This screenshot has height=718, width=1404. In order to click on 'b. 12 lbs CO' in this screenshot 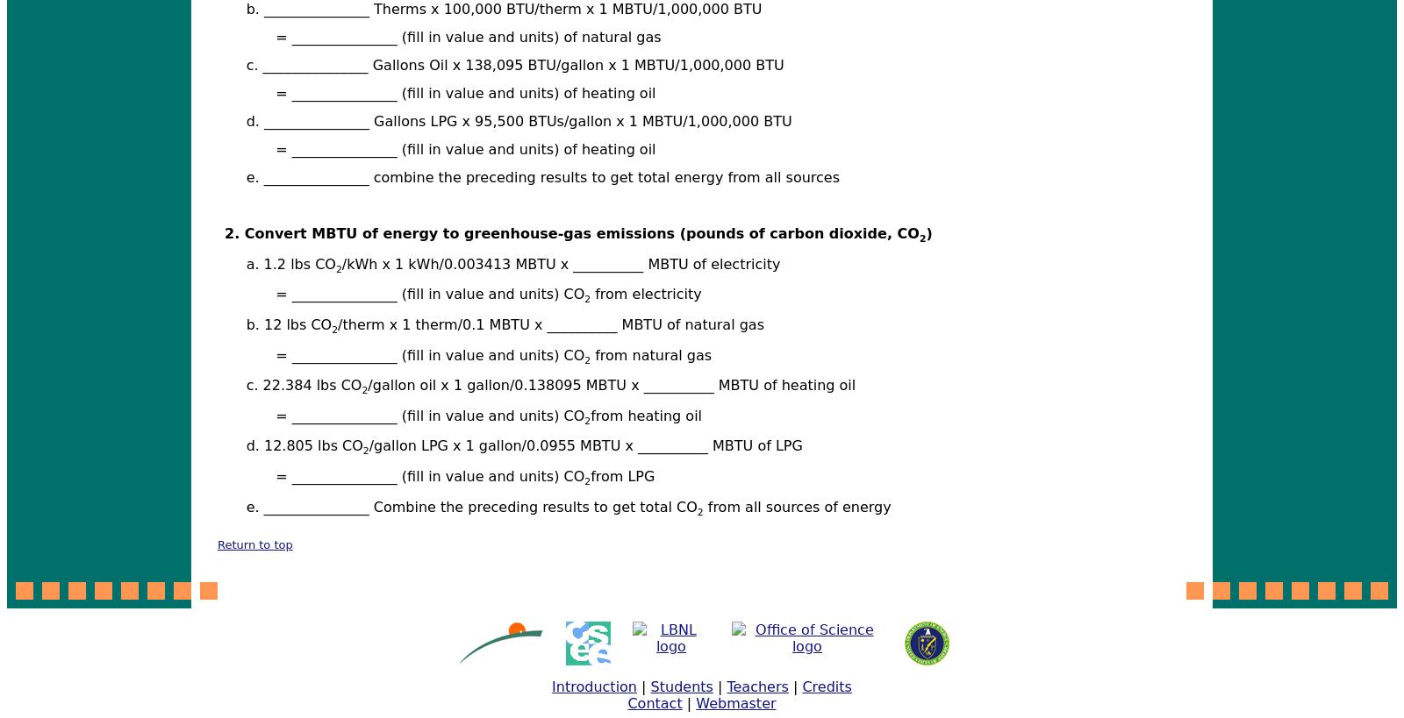, I will do `click(288, 323)`.